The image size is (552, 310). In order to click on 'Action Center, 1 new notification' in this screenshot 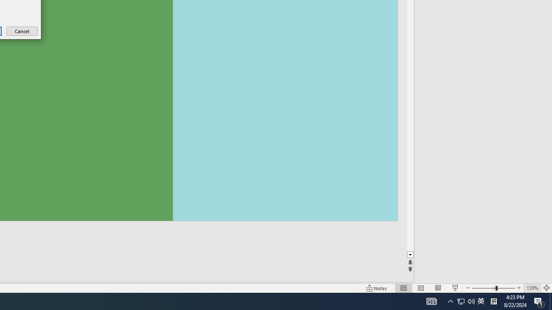, I will do `click(539, 301)`.